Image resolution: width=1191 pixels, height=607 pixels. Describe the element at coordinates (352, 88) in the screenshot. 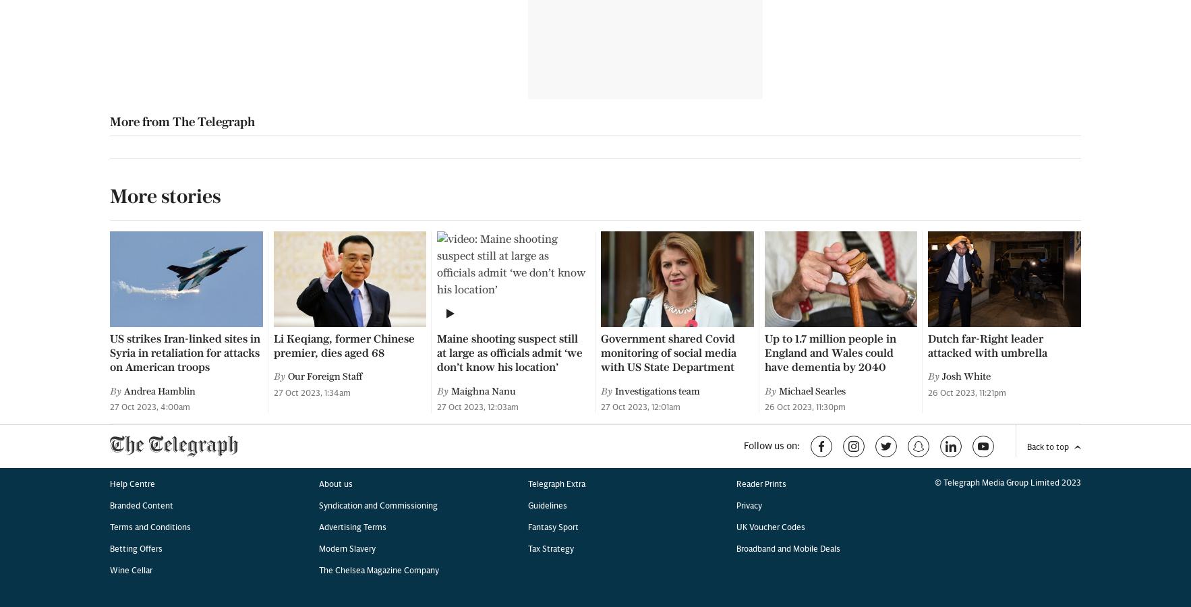

I see `'Advertising Terms'` at that location.